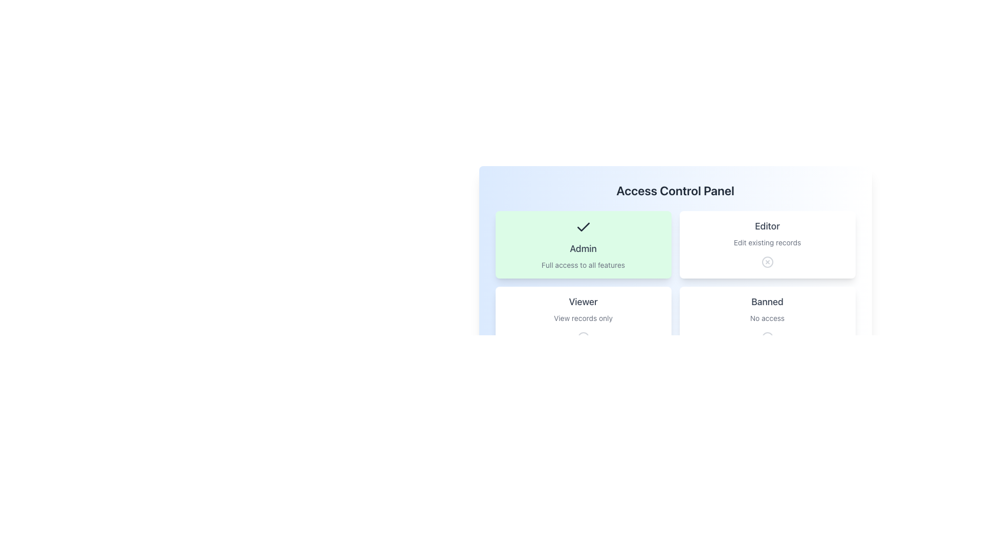 The width and height of the screenshot is (982, 552). What do you see at coordinates (767, 244) in the screenshot?
I see `the center of the 'Editor' role card in the Access Control Panel` at bounding box center [767, 244].